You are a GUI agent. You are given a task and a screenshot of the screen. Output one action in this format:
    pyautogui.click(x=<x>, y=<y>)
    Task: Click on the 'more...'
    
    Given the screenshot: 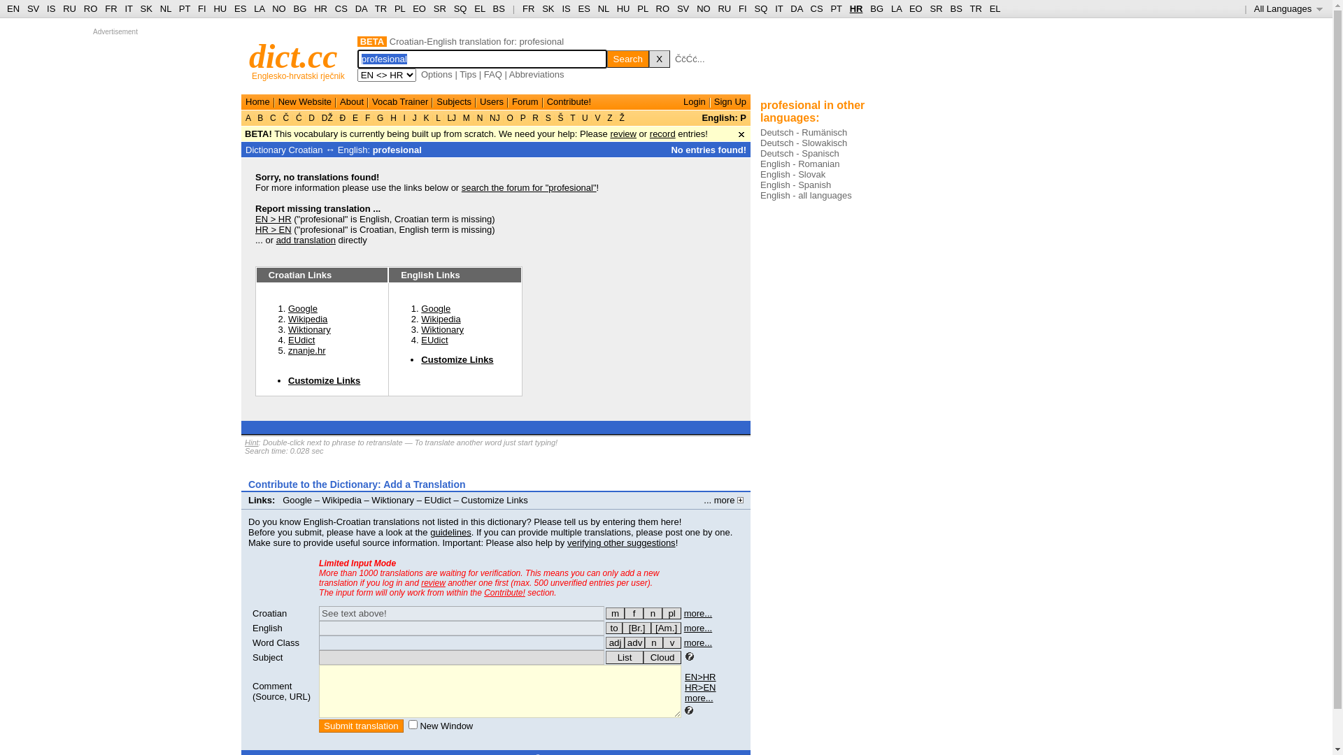 What is the action you would take?
    pyautogui.click(x=698, y=642)
    